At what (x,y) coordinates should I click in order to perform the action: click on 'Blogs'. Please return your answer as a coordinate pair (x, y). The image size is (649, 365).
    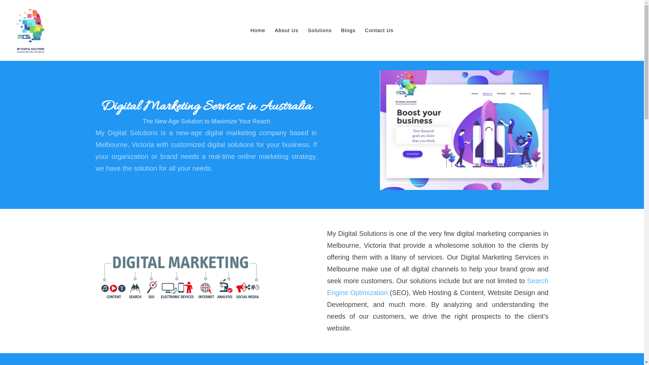
    Looking at the image, I should click on (348, 30).